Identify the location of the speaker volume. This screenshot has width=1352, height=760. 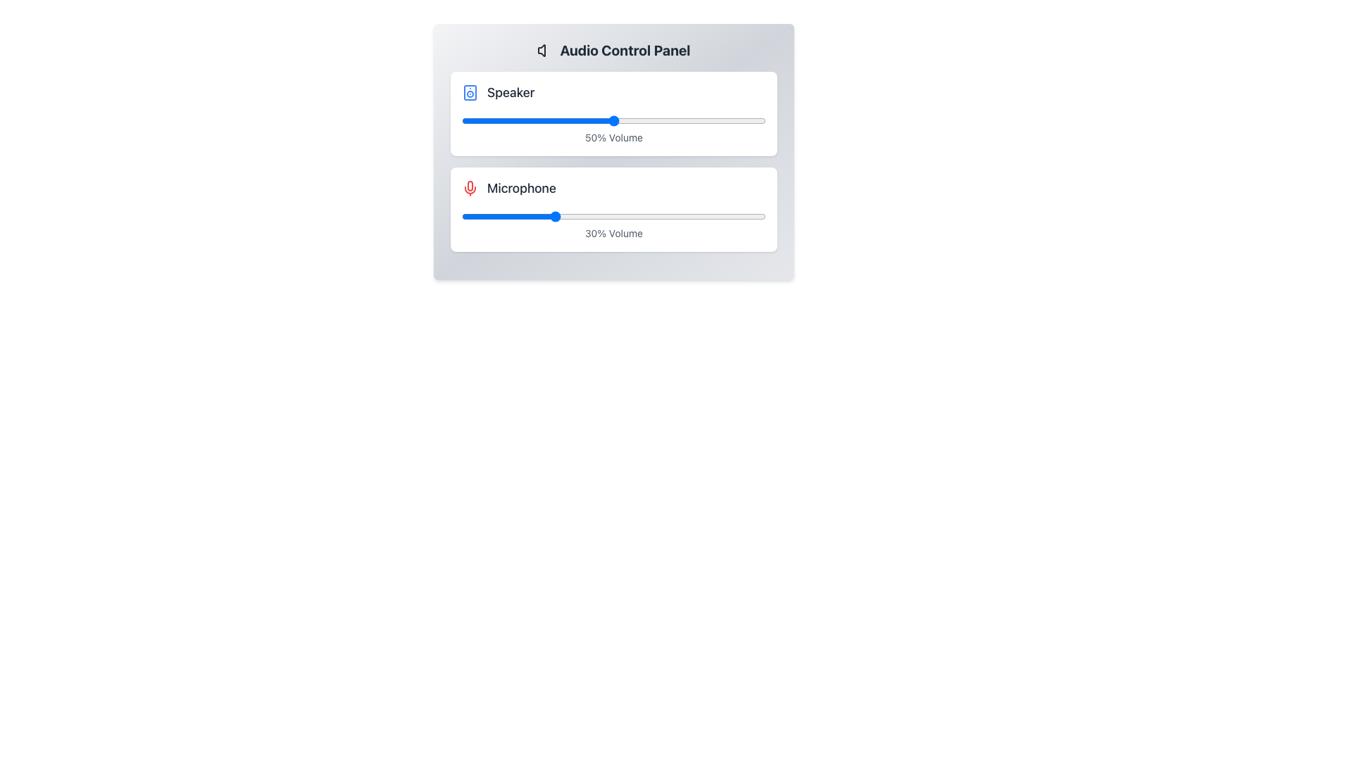
(620, 120).